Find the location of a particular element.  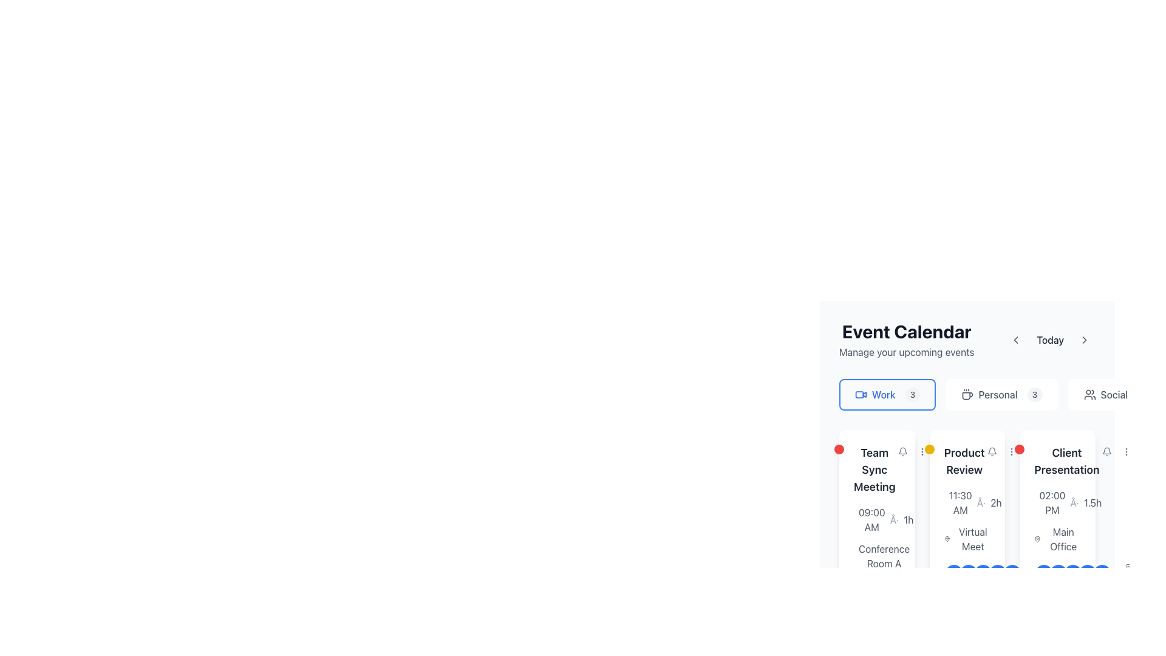

the circular badge labeled '+7' with a light gray background and thin white border is located at coordinates (1026, 573).